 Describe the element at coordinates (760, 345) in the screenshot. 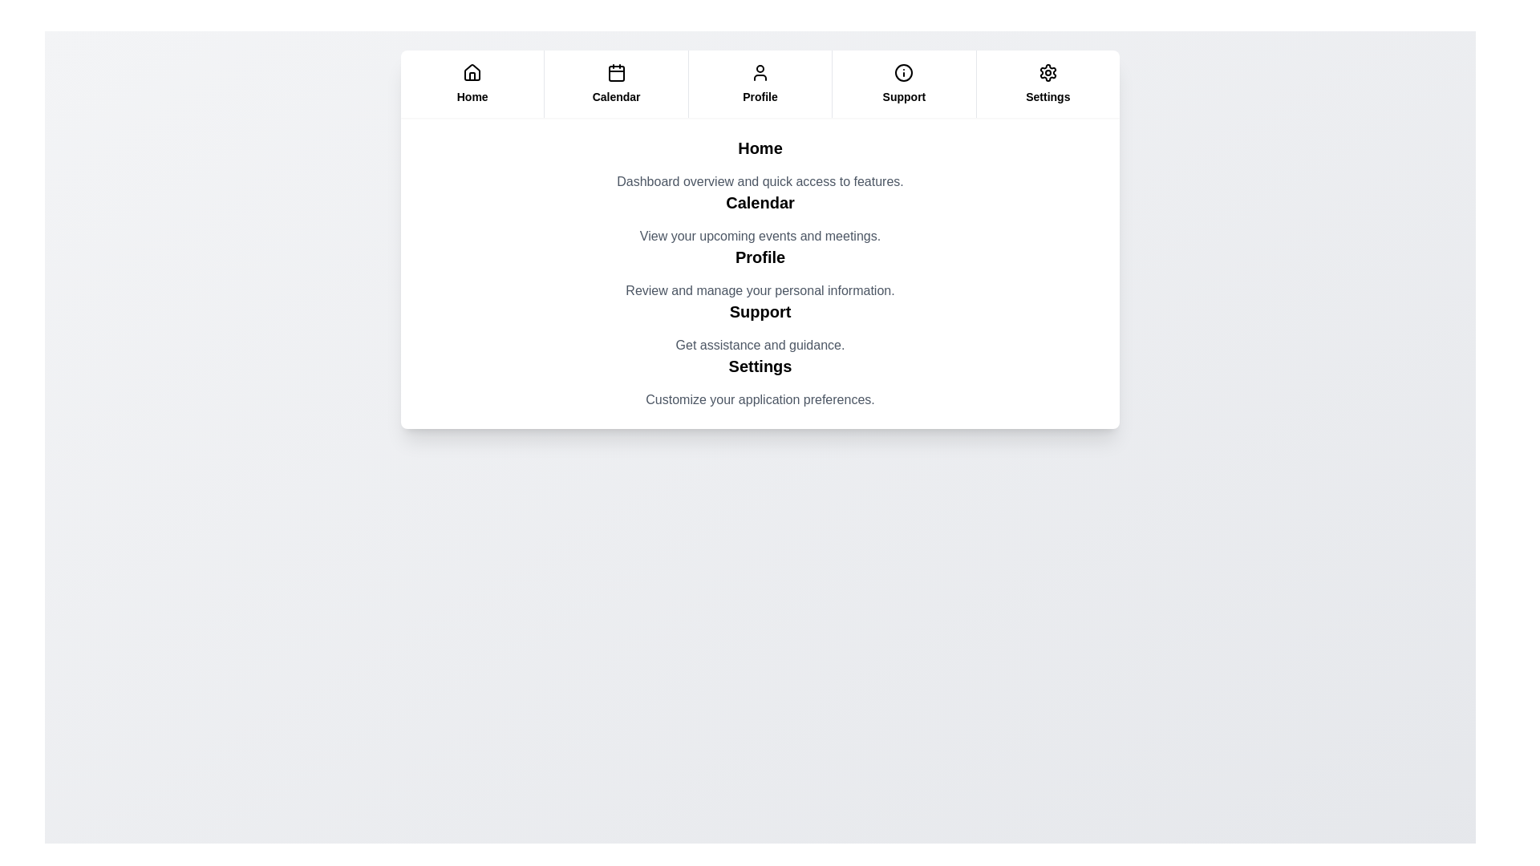

I see `the text element that says 'Get assistance and guidance.' styled in gray color, located below the heading 'Support'` at that location.